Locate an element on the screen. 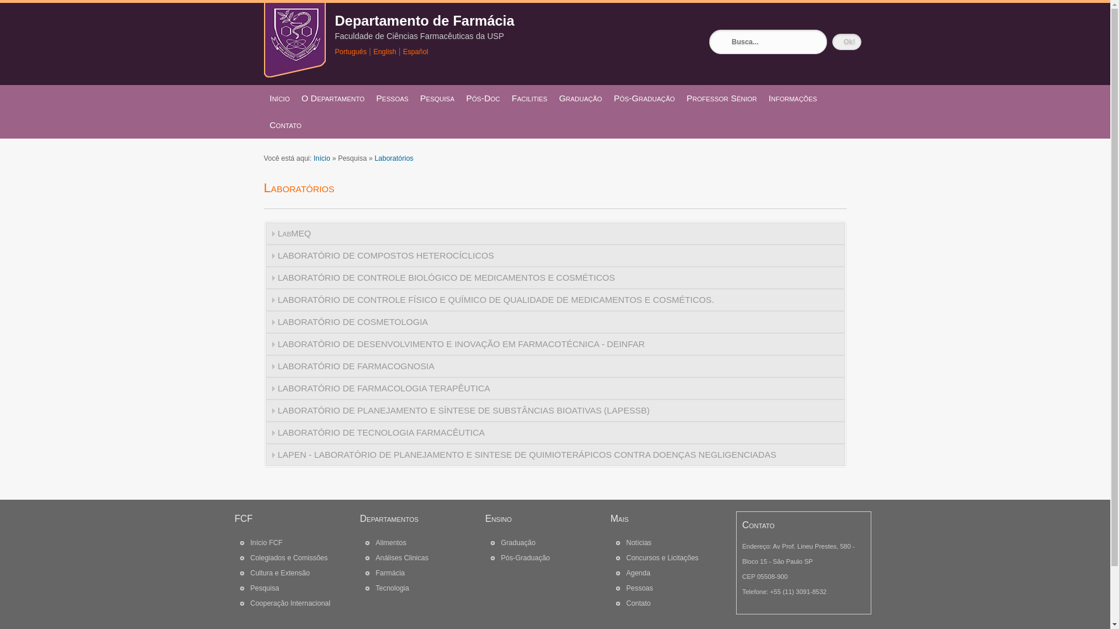 The width and height of the screenshot is (1119, 629). 'Contato' is located at coordinates (285, 125).